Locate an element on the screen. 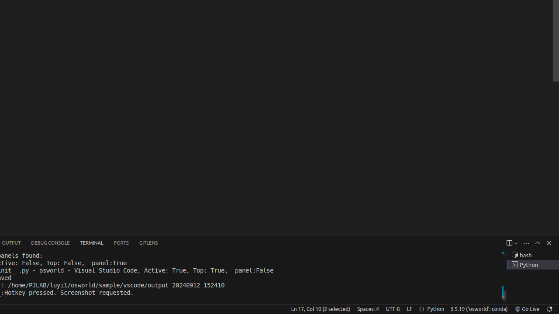 Image resolution: width=559 pixels, height=314 pixels. 'broadcast Go Live, Click to run live server' is located at coordinates (526, 308).